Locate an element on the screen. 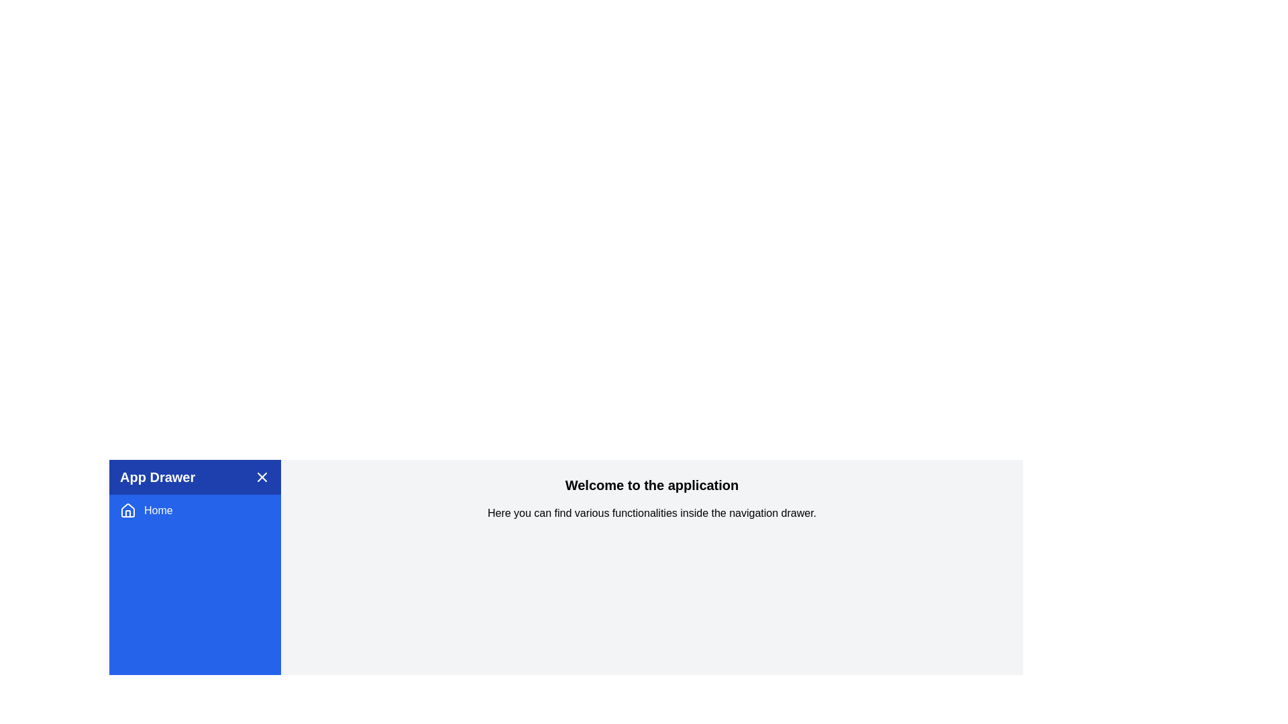 This screenshot has height=724, width=1288. the first menu item in the 'App Drawer' sidebar that serves as a navigation link to the home section of the application is located at coordinates (195, 511).